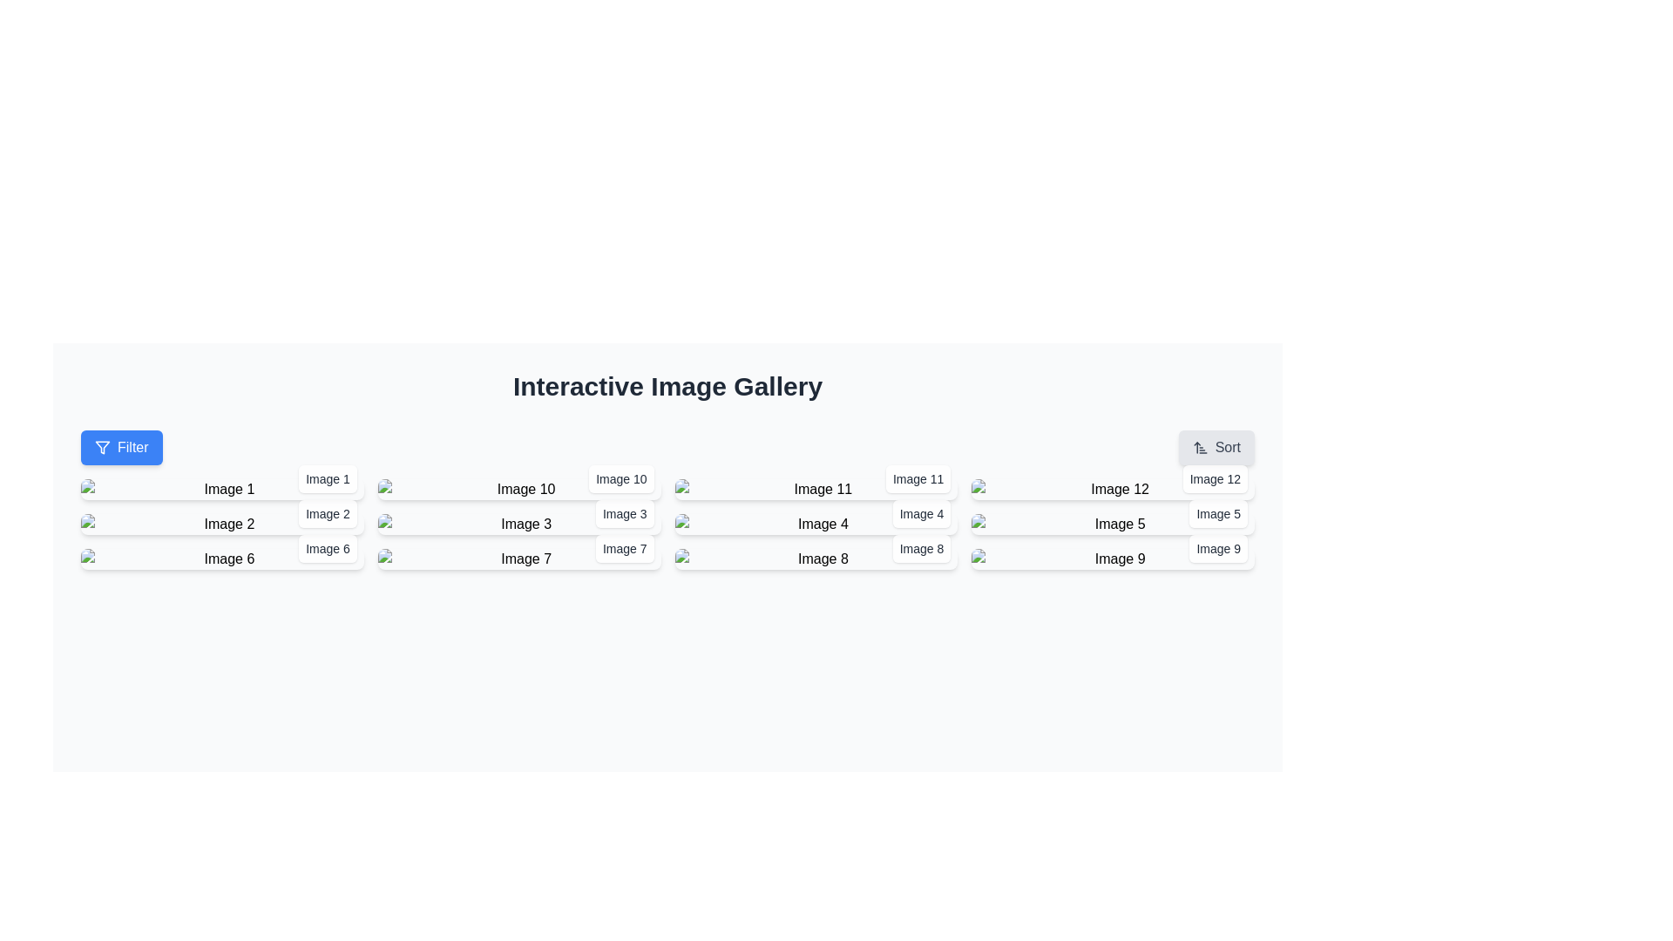 The image size is (1673, 941). What do you see at coordinates (1217, 547) in the screenshot?
I see `text label 'Image 9' located at the bottom-right corner of the ninth image in the interactive image gallery` at bounding box center [1217, 547].